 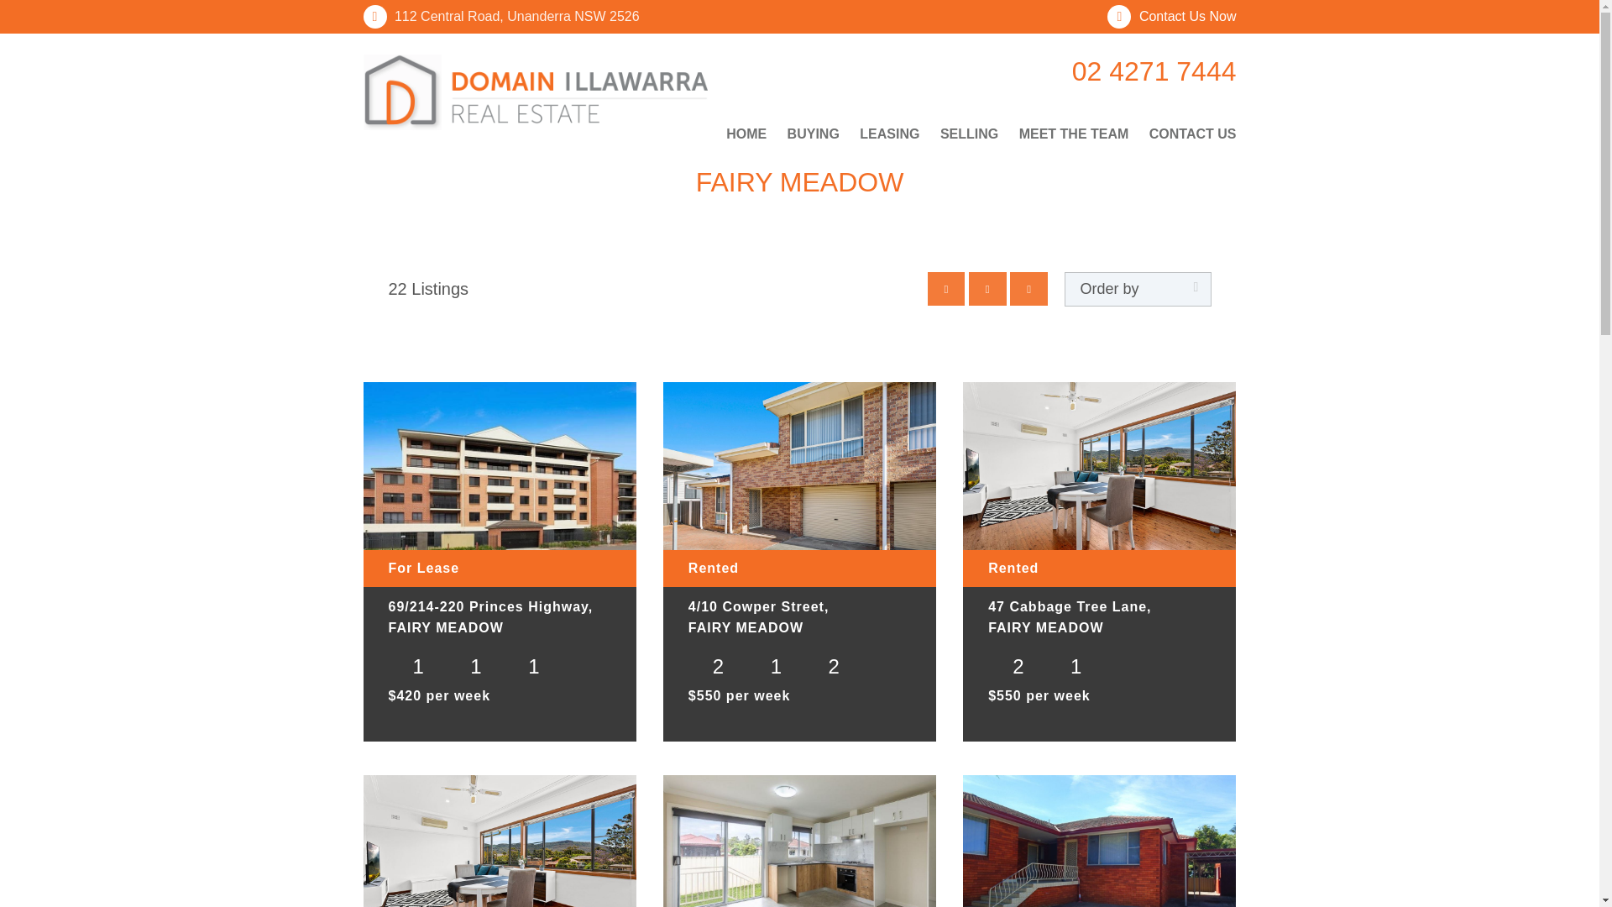 I want to click on '47 Cabbage Tree Lane,, so click(x=1099, y=620).